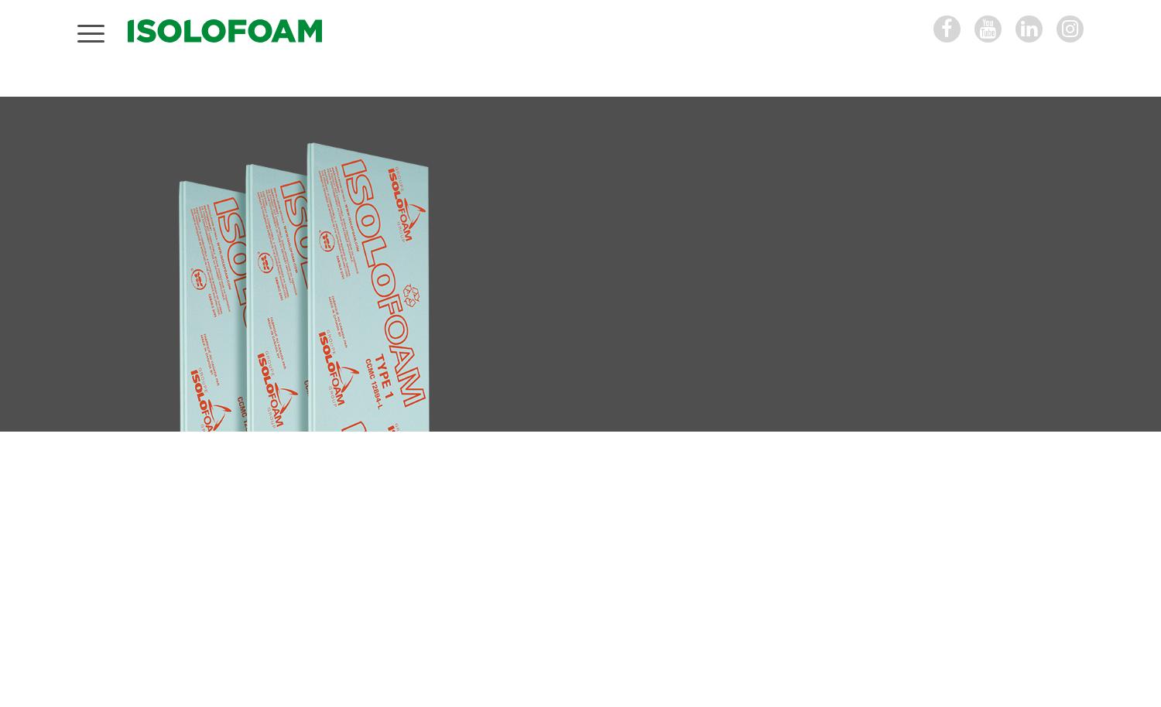  I want to click on 'NEW AND RENOVATION', so click(592, 330).